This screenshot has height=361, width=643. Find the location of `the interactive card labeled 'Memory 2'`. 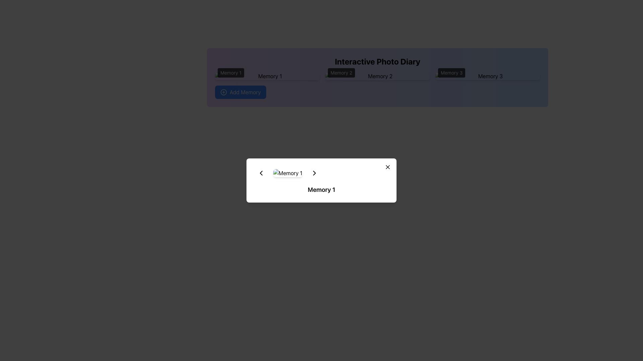

the interactive card labeled 'Memory 2' is located at coordinates (377, 76).